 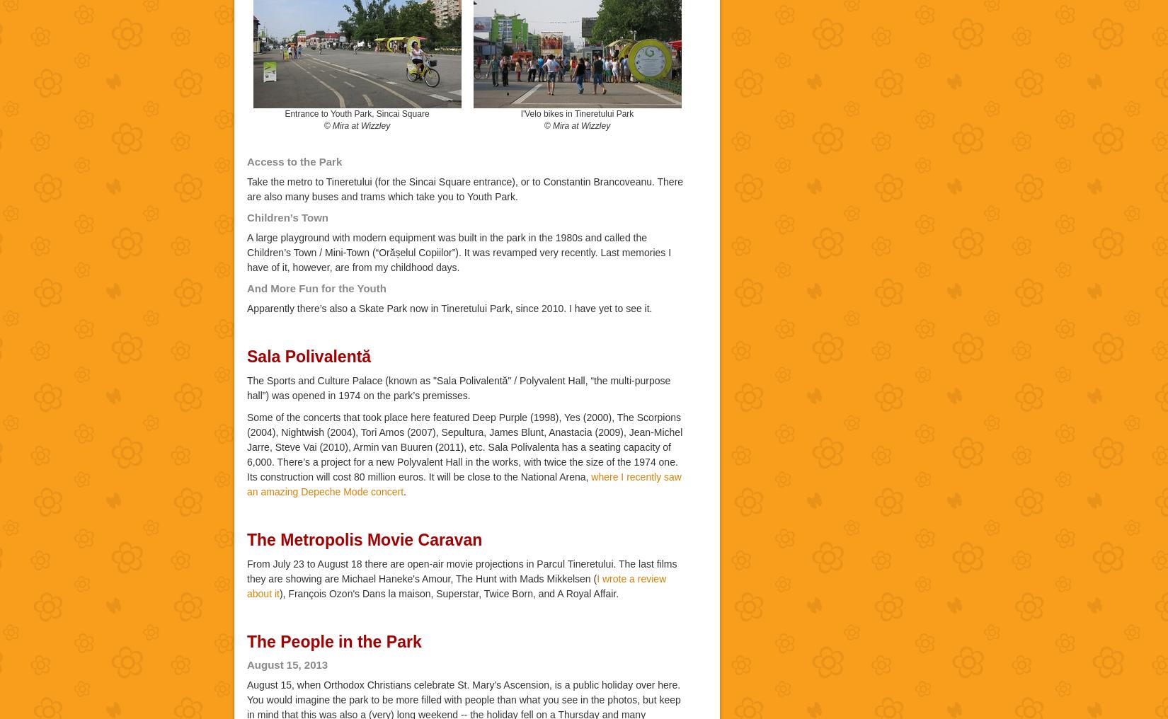 I want to click on 'From July 23 to August 18 there are open-air movie projections in Parcul Tineretului. The last films they are showing are Michael Haneke's Amour, The Hunt with Mads Mikkelsen (', so click(x=461, y=570).